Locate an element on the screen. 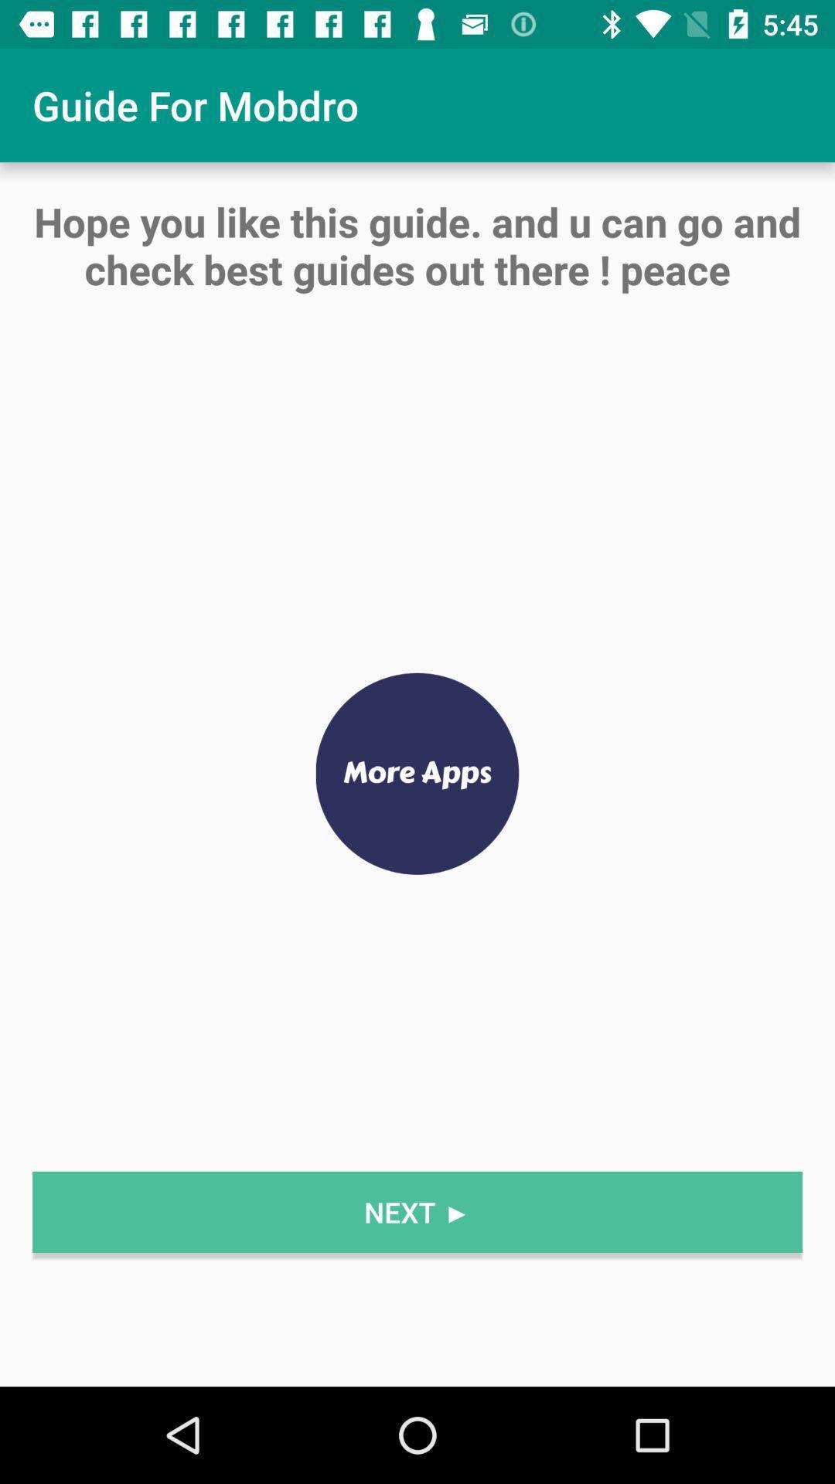 This screenshot has height=1484, width=835. item below hope you like item is located at coordinates (417, 774).